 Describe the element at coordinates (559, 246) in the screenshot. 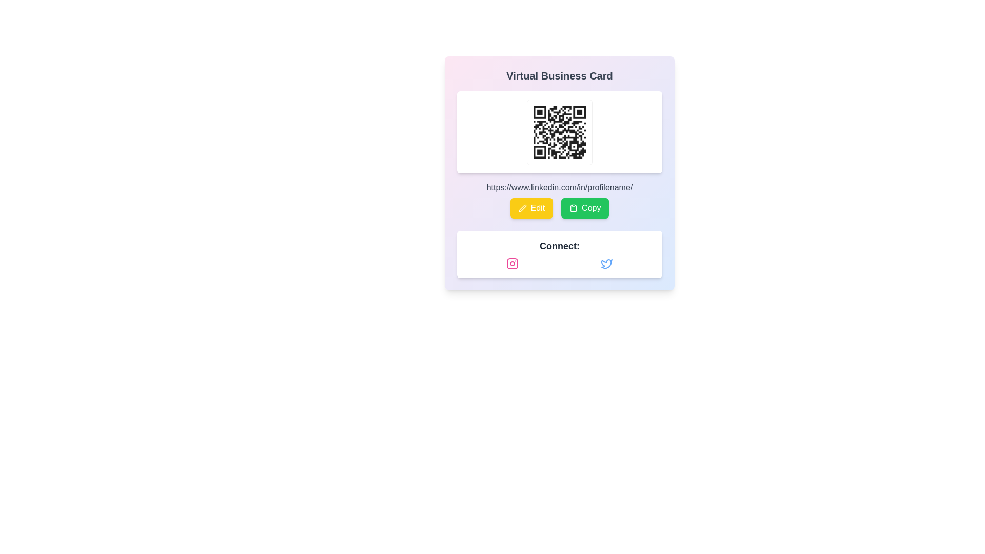

I see `the bold text label saying 'Connect:' which is styled in dark gray and positioned above the social media icons` at that location.